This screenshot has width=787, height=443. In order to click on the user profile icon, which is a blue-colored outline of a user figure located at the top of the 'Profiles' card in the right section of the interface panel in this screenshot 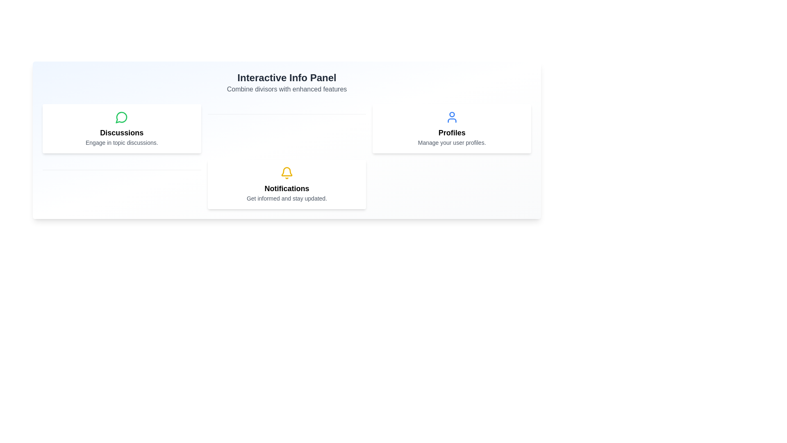, I will do `click(451, 117)`.